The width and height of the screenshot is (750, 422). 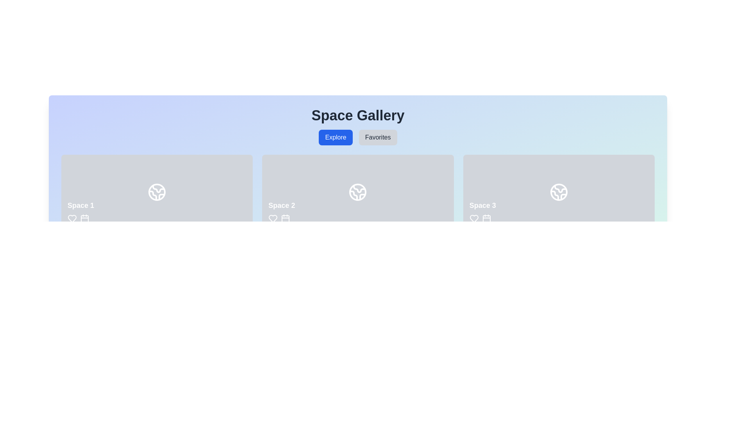 I want to click on the Calendar icon located at the bottom-left area of the third item in a horizontally aligned grid, so click(x=486, y=219).